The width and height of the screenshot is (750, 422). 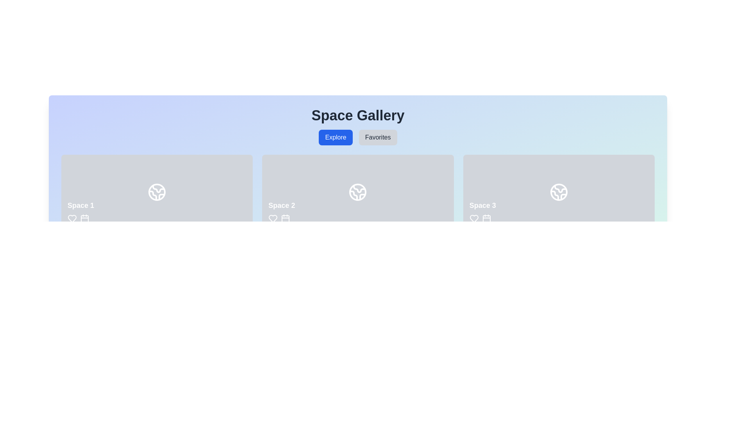 I want to click on the Calendar icon located at the bottom-left area of the third item in a horizontally aligned grid, so click(x=486, y=219).